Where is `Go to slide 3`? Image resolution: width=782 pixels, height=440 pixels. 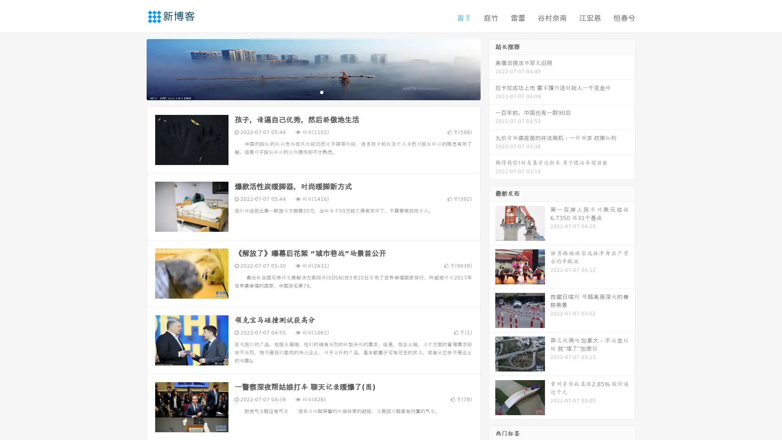 Go to slide 3 is located at coordinates (321, 92).